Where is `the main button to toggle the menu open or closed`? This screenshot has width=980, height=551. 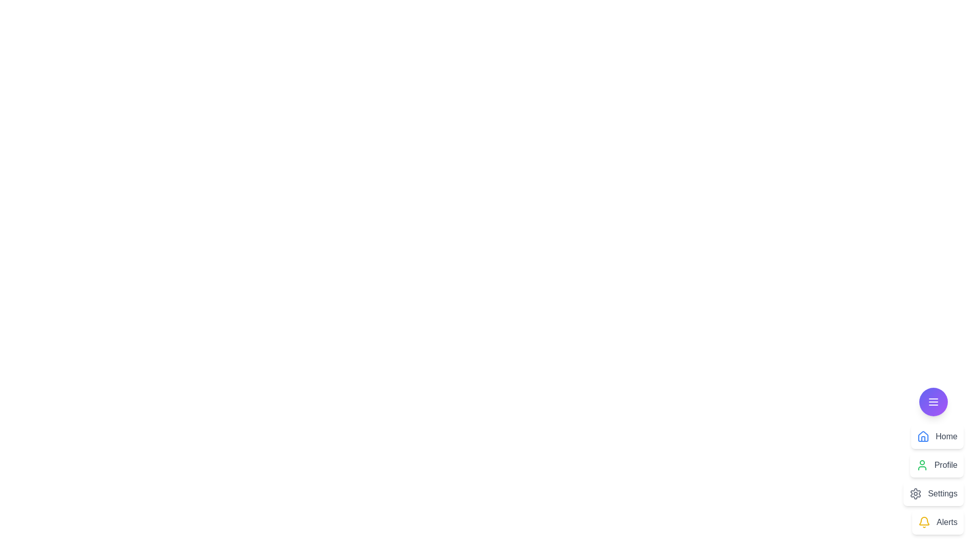
the main button to toggle the menu open or closed is located at coordinates (933, 401).